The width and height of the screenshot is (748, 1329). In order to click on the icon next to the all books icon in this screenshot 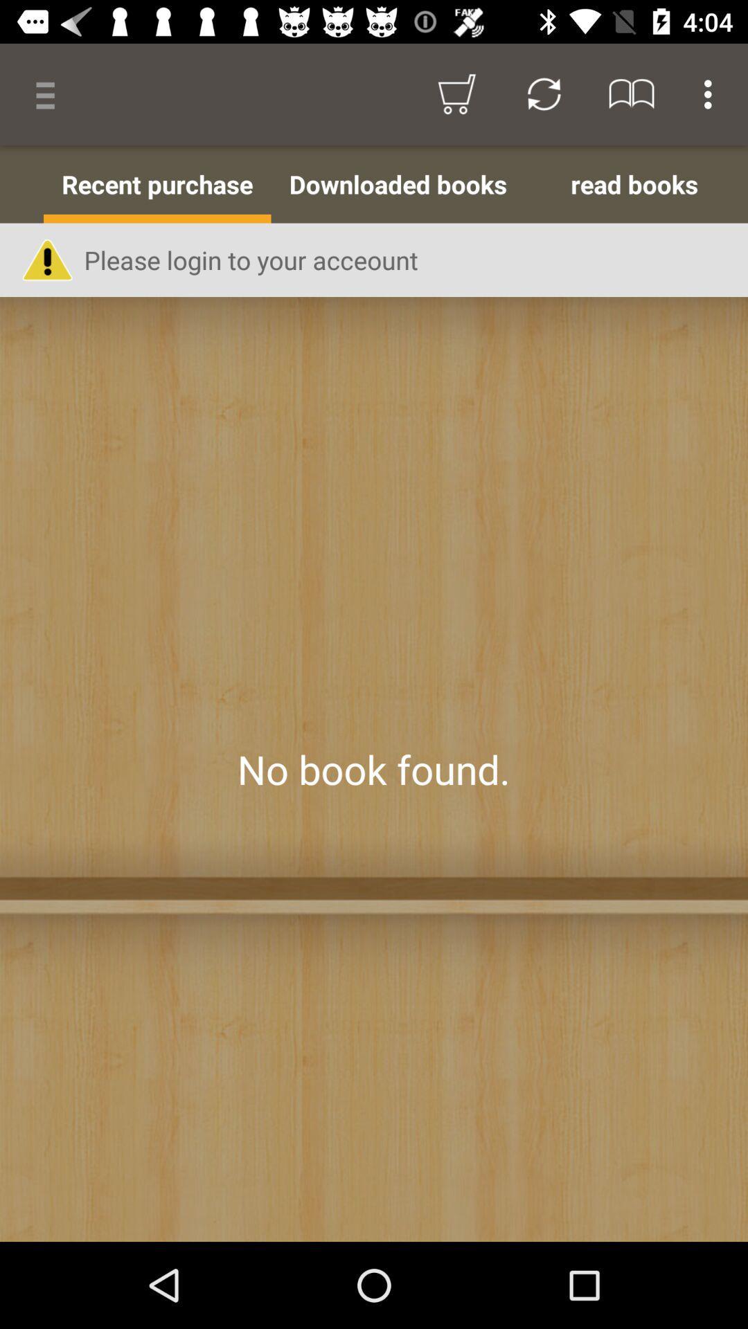, I will do `click(157, 183)`.